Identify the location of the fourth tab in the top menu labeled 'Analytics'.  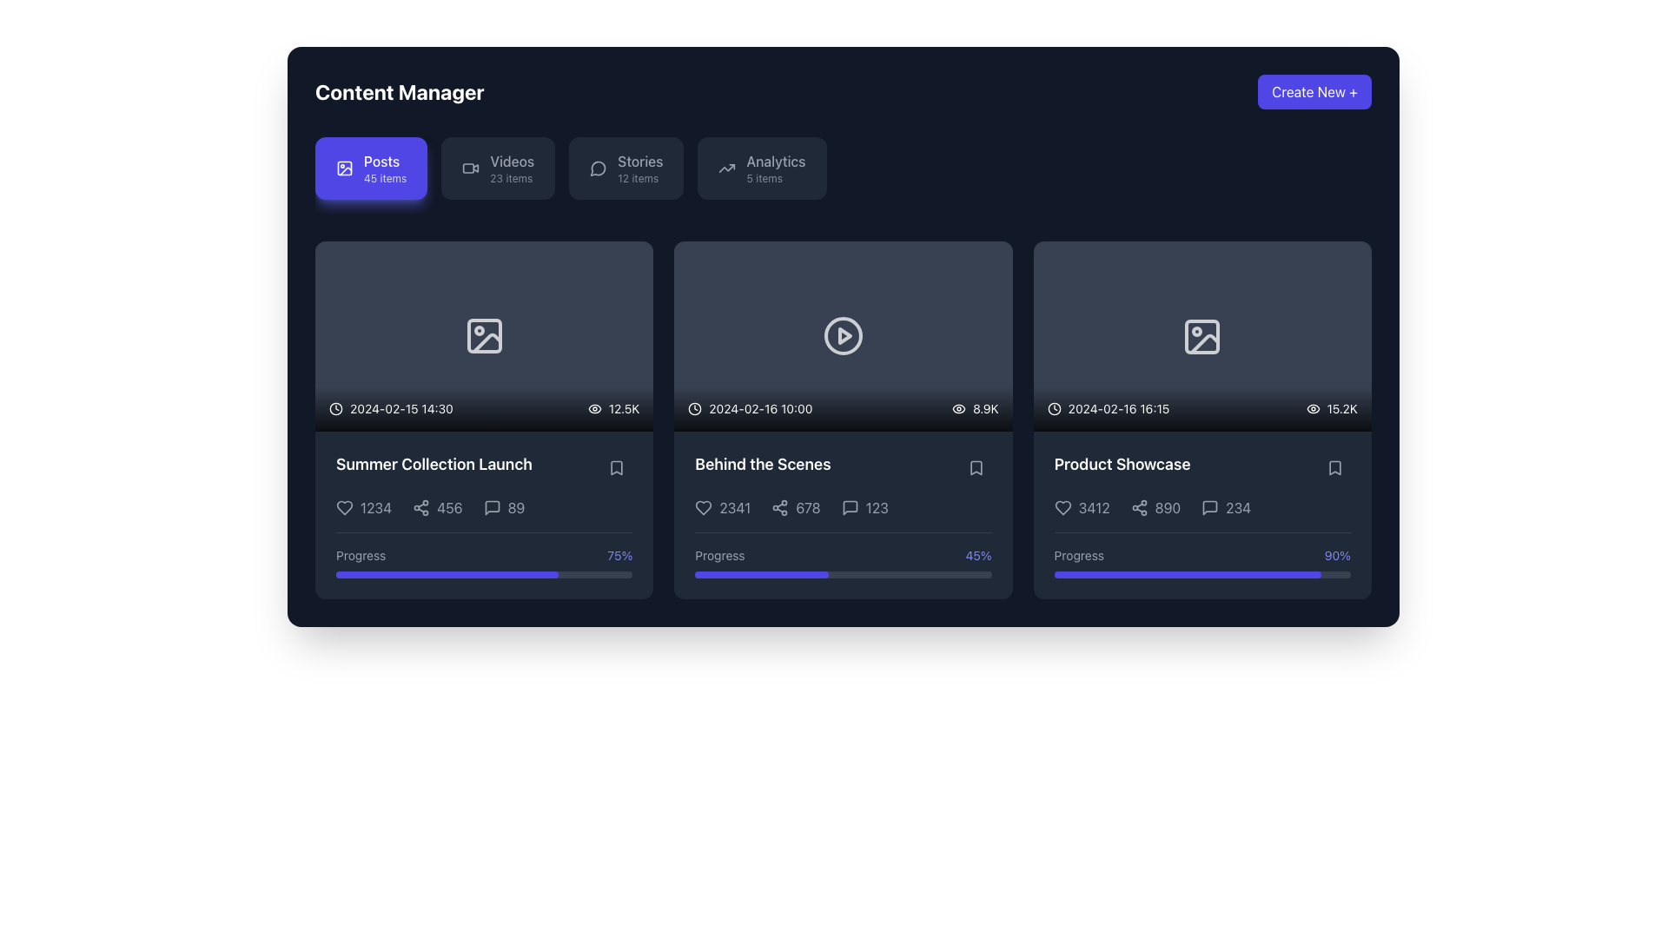
(775, 161).